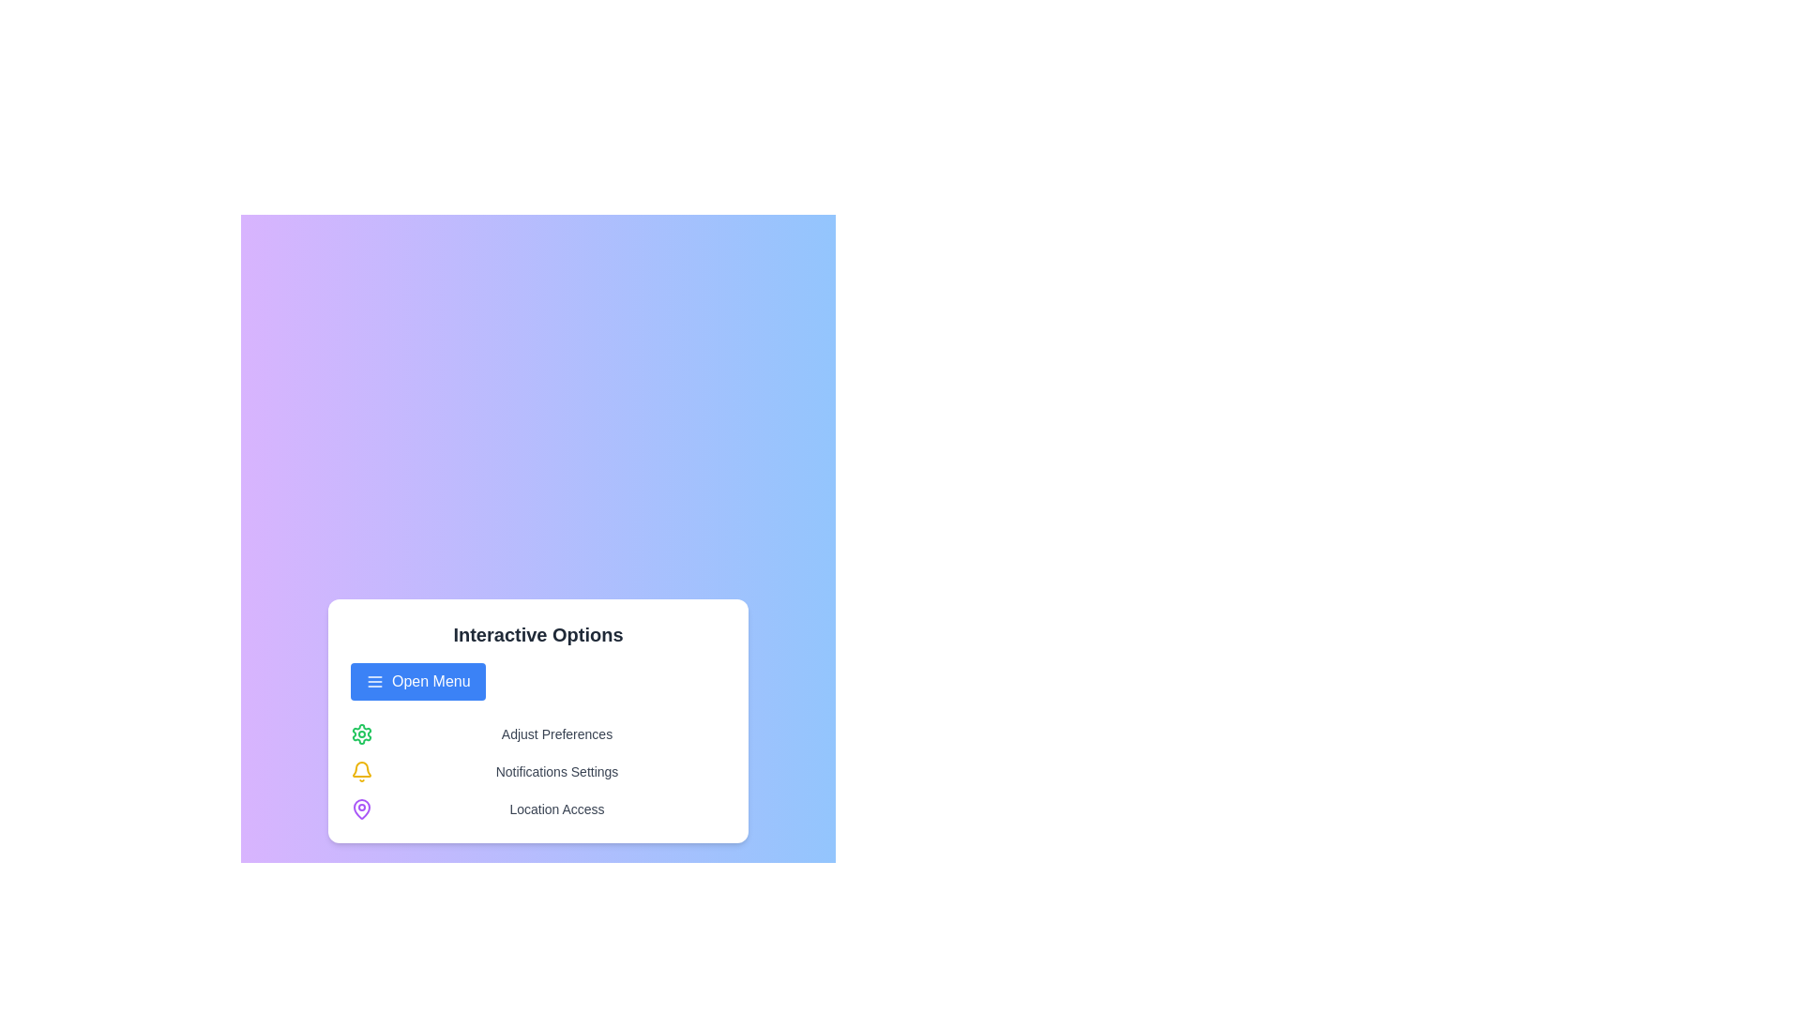 The image size is (1801, 1013). Describe the element at coordinates (537, 634) in the screenshot. I see `the Static text heading displaying 'Interactive Options', which is styled in a bold, large font and dark gray color, located at the top of a white, rounded box` at that location.